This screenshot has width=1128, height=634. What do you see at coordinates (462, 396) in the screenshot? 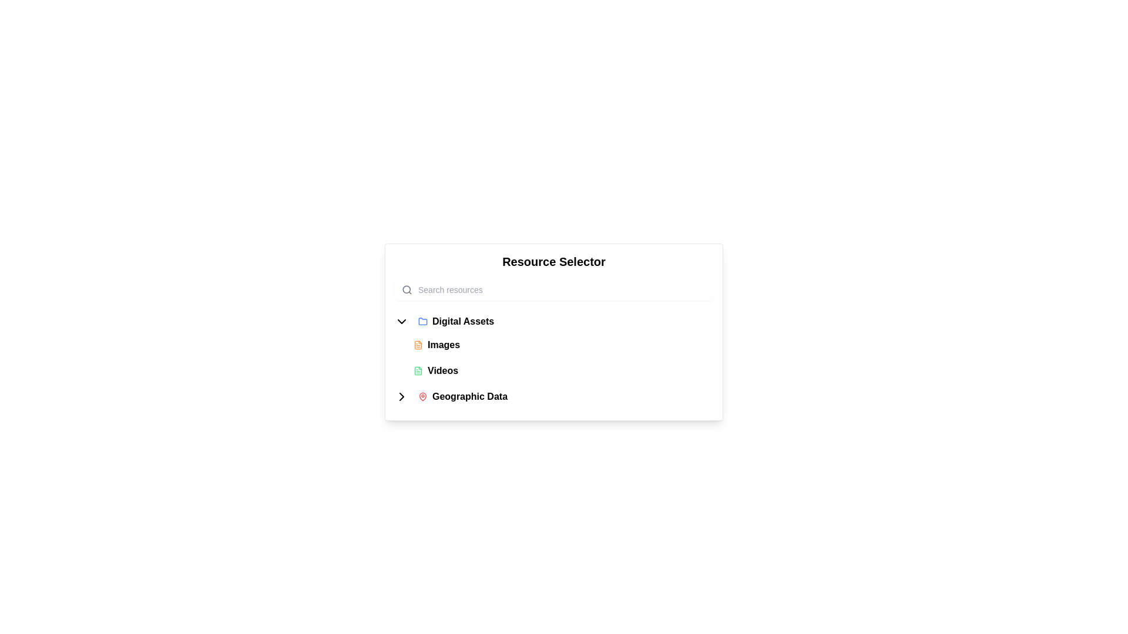
I see `the 'Geographic Data' button` at bounding box center [462, 396].